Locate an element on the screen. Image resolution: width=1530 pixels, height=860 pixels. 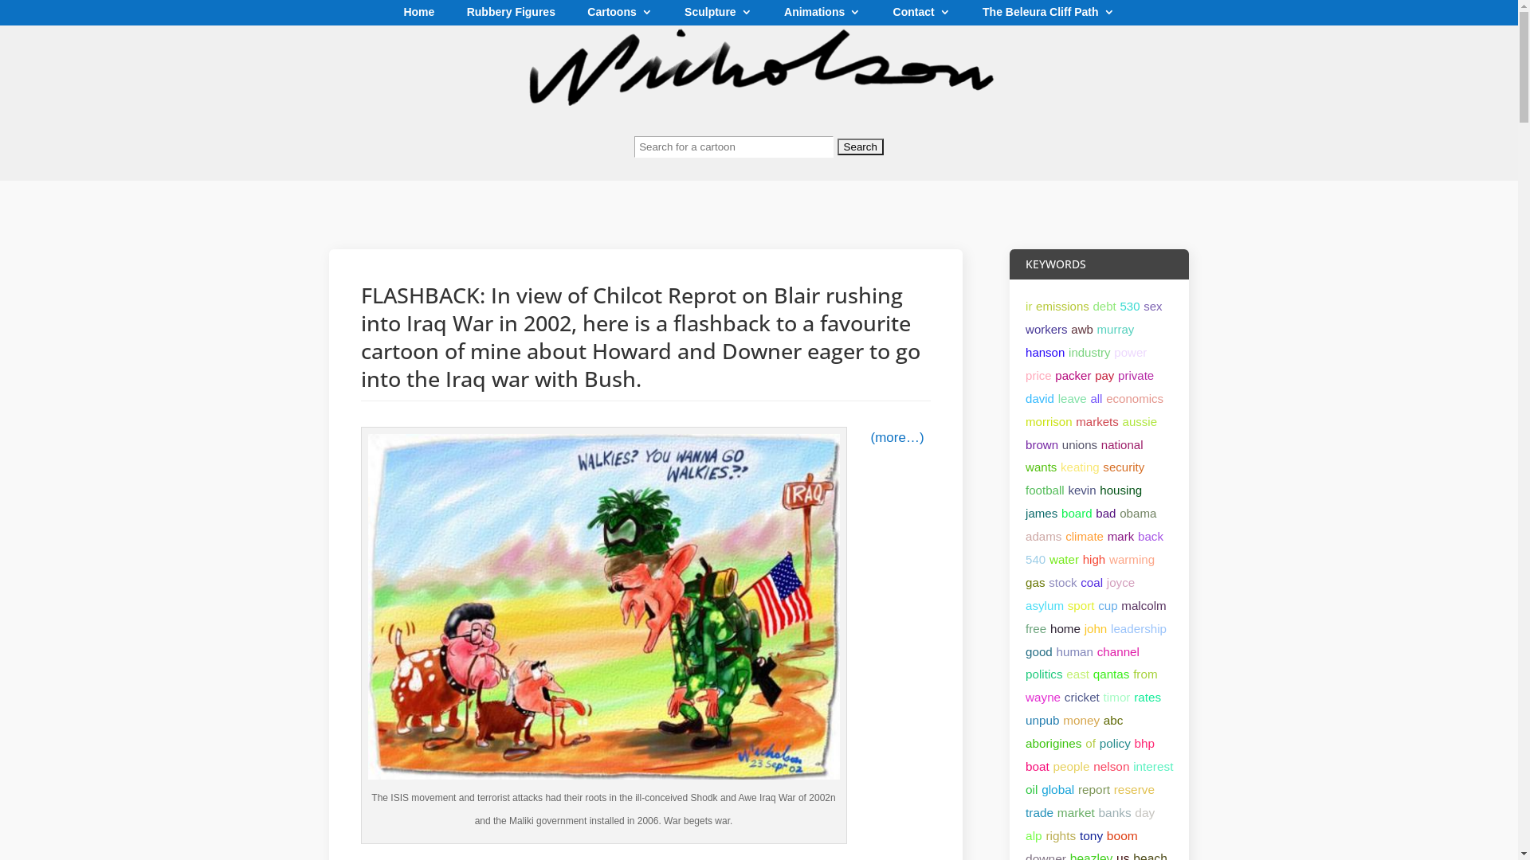
'policy' is located at coordinates (1114, 743).